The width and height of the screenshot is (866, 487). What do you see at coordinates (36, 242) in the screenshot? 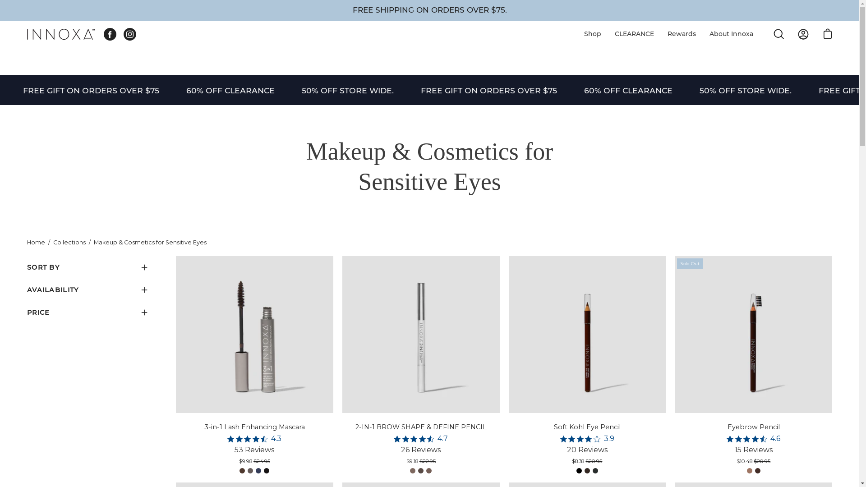
I see `'Home'` at bounding box center [36, 242].